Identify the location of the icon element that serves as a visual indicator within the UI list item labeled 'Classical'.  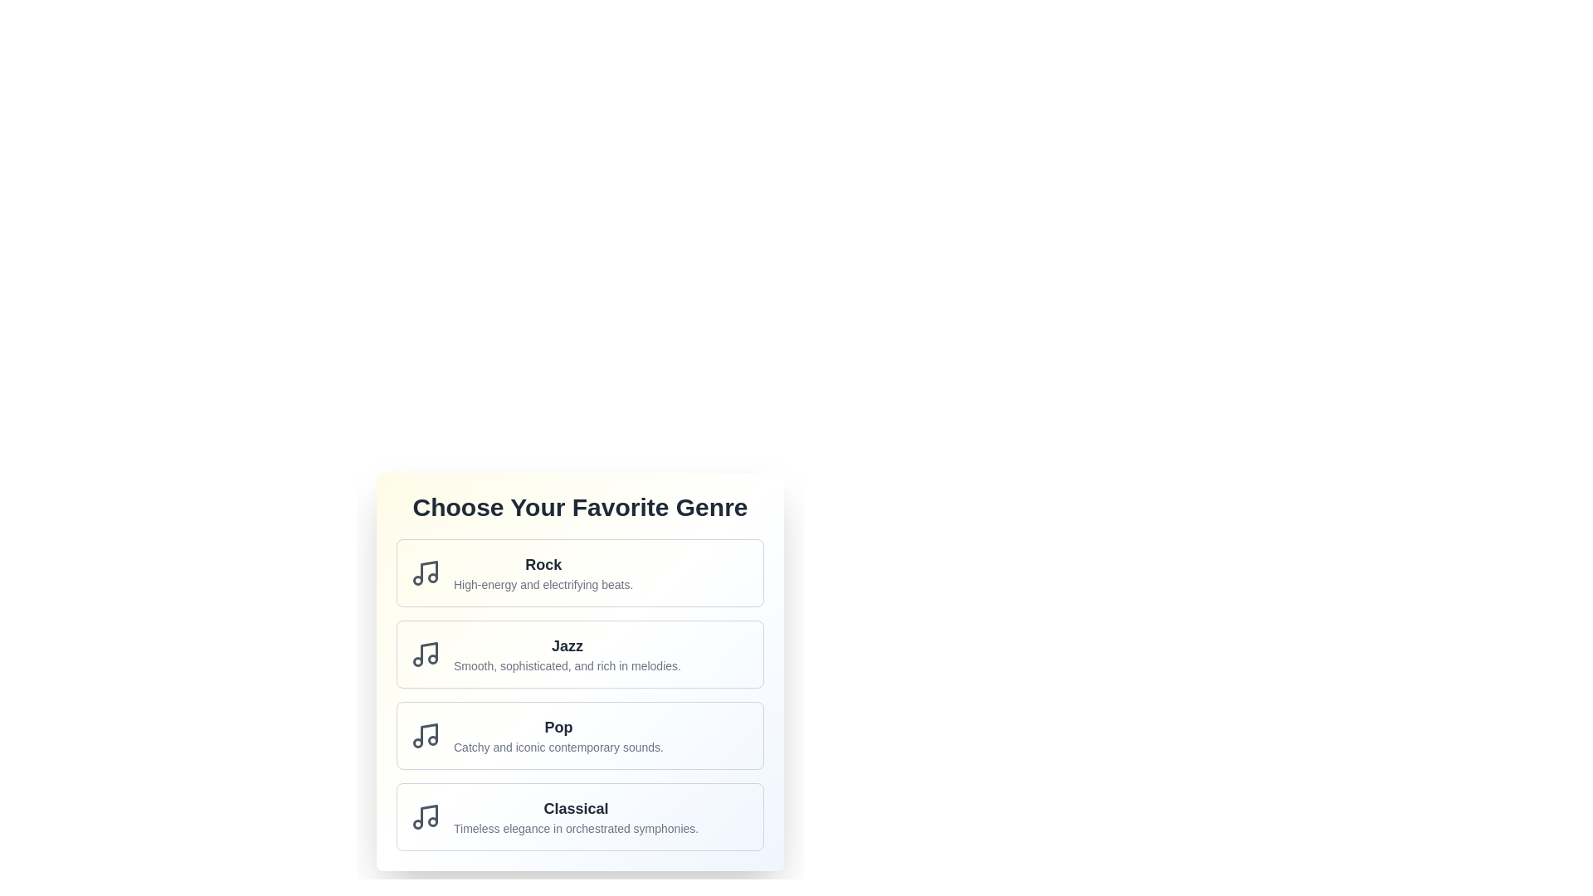
(433, 822).